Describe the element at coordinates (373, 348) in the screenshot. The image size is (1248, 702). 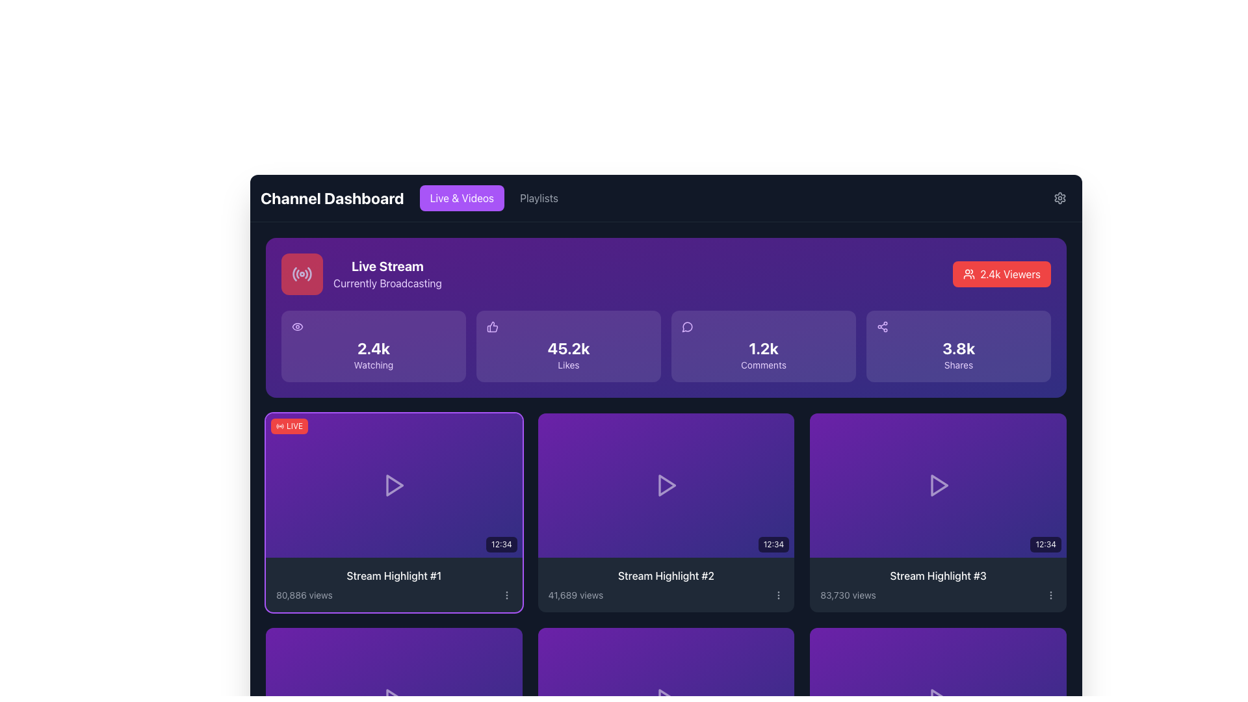
I see `the text display that shows the number of viewers currently watching a live stream, which is positioned in the middle of a purple rectangle` at that location.